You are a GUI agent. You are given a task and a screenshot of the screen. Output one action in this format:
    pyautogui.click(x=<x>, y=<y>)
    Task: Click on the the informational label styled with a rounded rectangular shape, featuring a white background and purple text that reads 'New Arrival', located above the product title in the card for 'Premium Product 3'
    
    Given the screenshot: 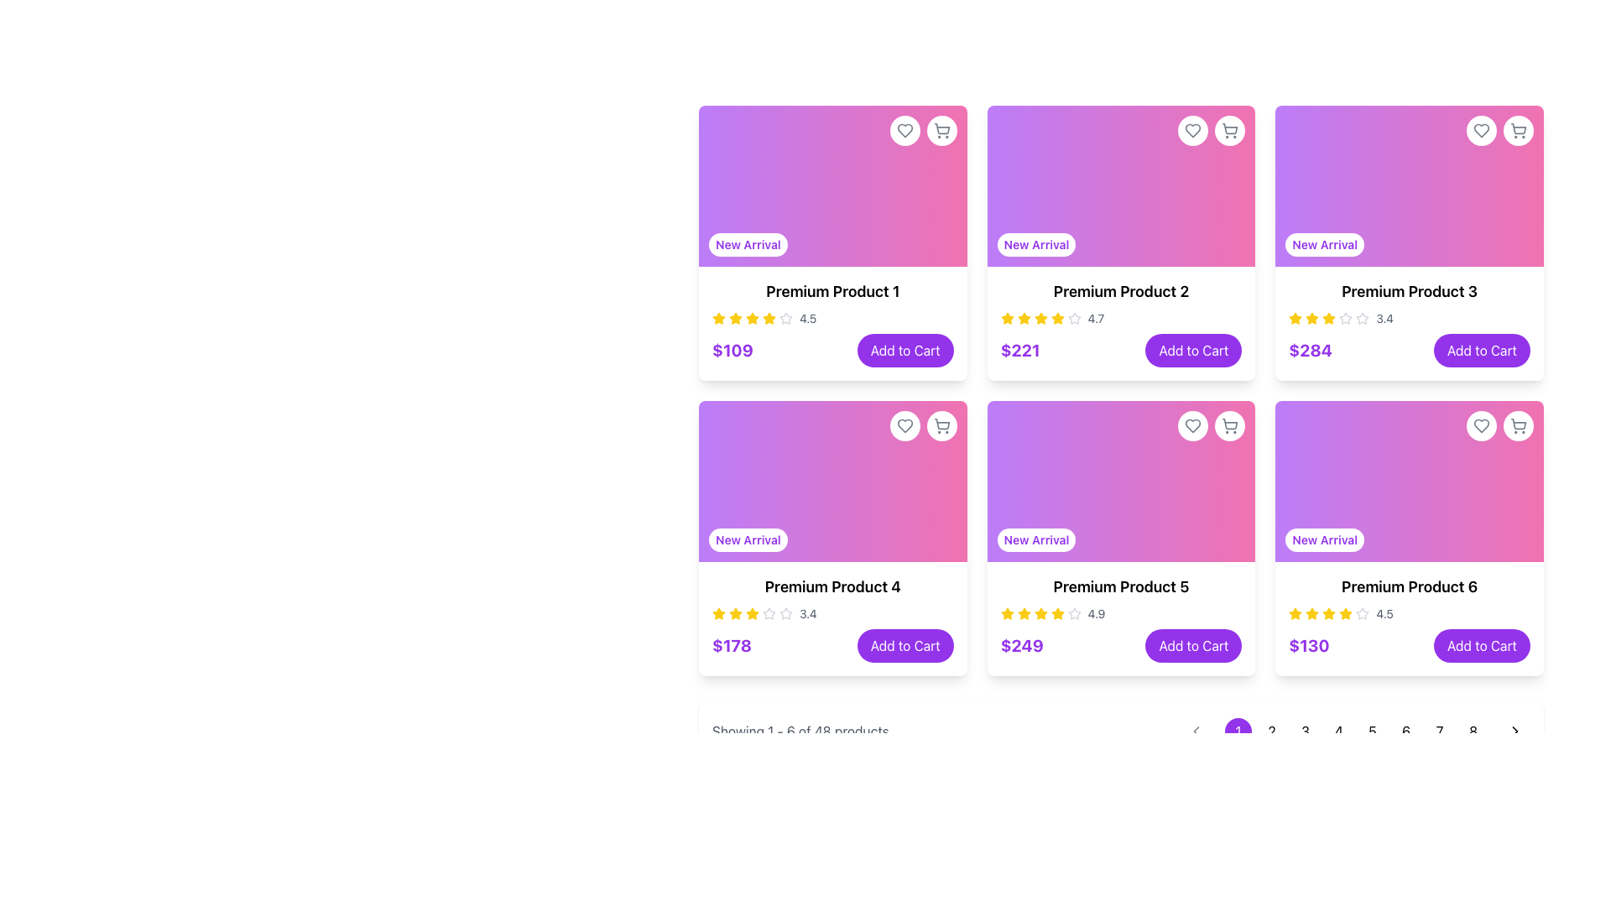 What is the action you would take?
    pyautogui.click(x=1324, y=245)
    